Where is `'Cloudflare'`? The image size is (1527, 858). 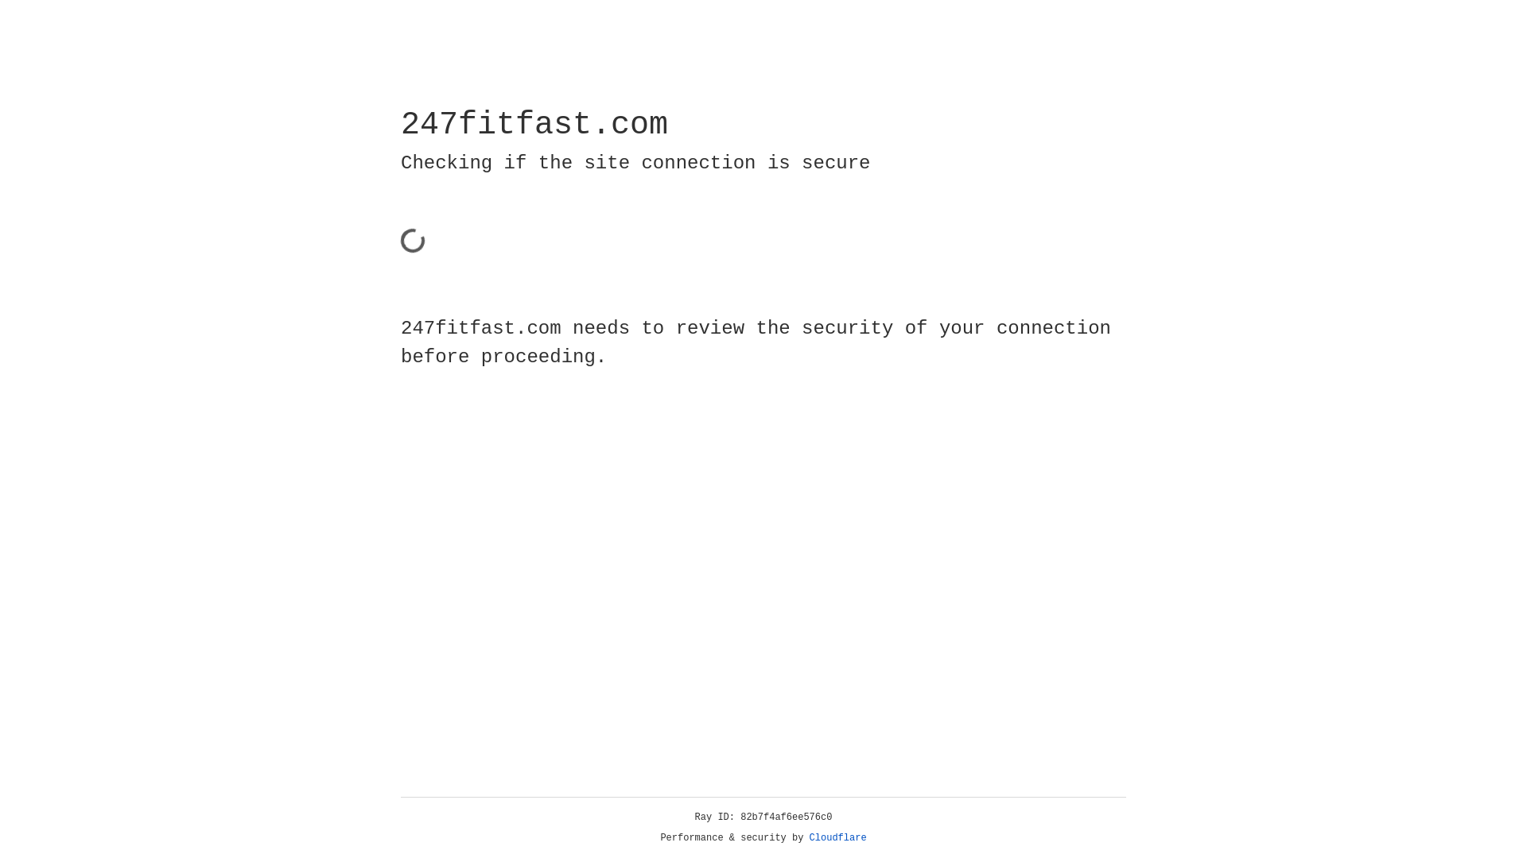 'Cloudflare' is located at coordinates (837, 837).